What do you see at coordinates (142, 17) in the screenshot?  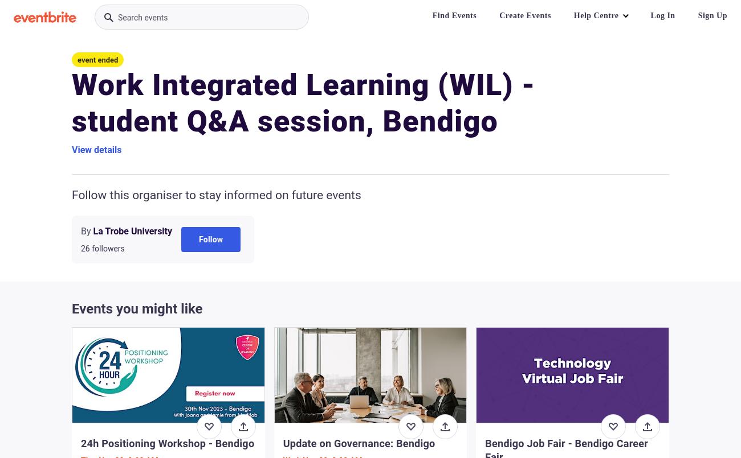 I see `'Search events'` at bounding box center [142, 17].